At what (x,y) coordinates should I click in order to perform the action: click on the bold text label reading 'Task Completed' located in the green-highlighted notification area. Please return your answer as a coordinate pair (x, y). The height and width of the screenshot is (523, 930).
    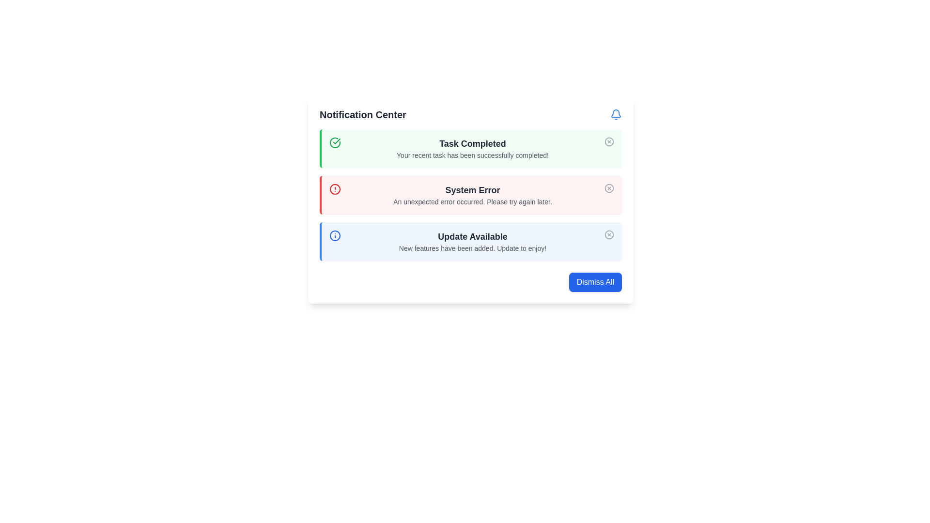
    Looking at the image, I should click on (472, 144).